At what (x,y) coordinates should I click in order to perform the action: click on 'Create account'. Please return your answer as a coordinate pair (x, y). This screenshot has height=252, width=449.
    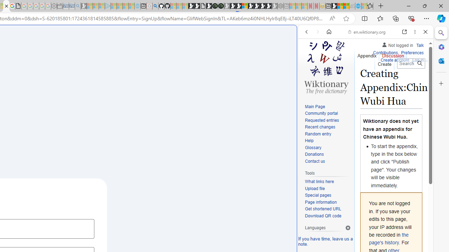
    Looking at the image, I should click on (395, 60).